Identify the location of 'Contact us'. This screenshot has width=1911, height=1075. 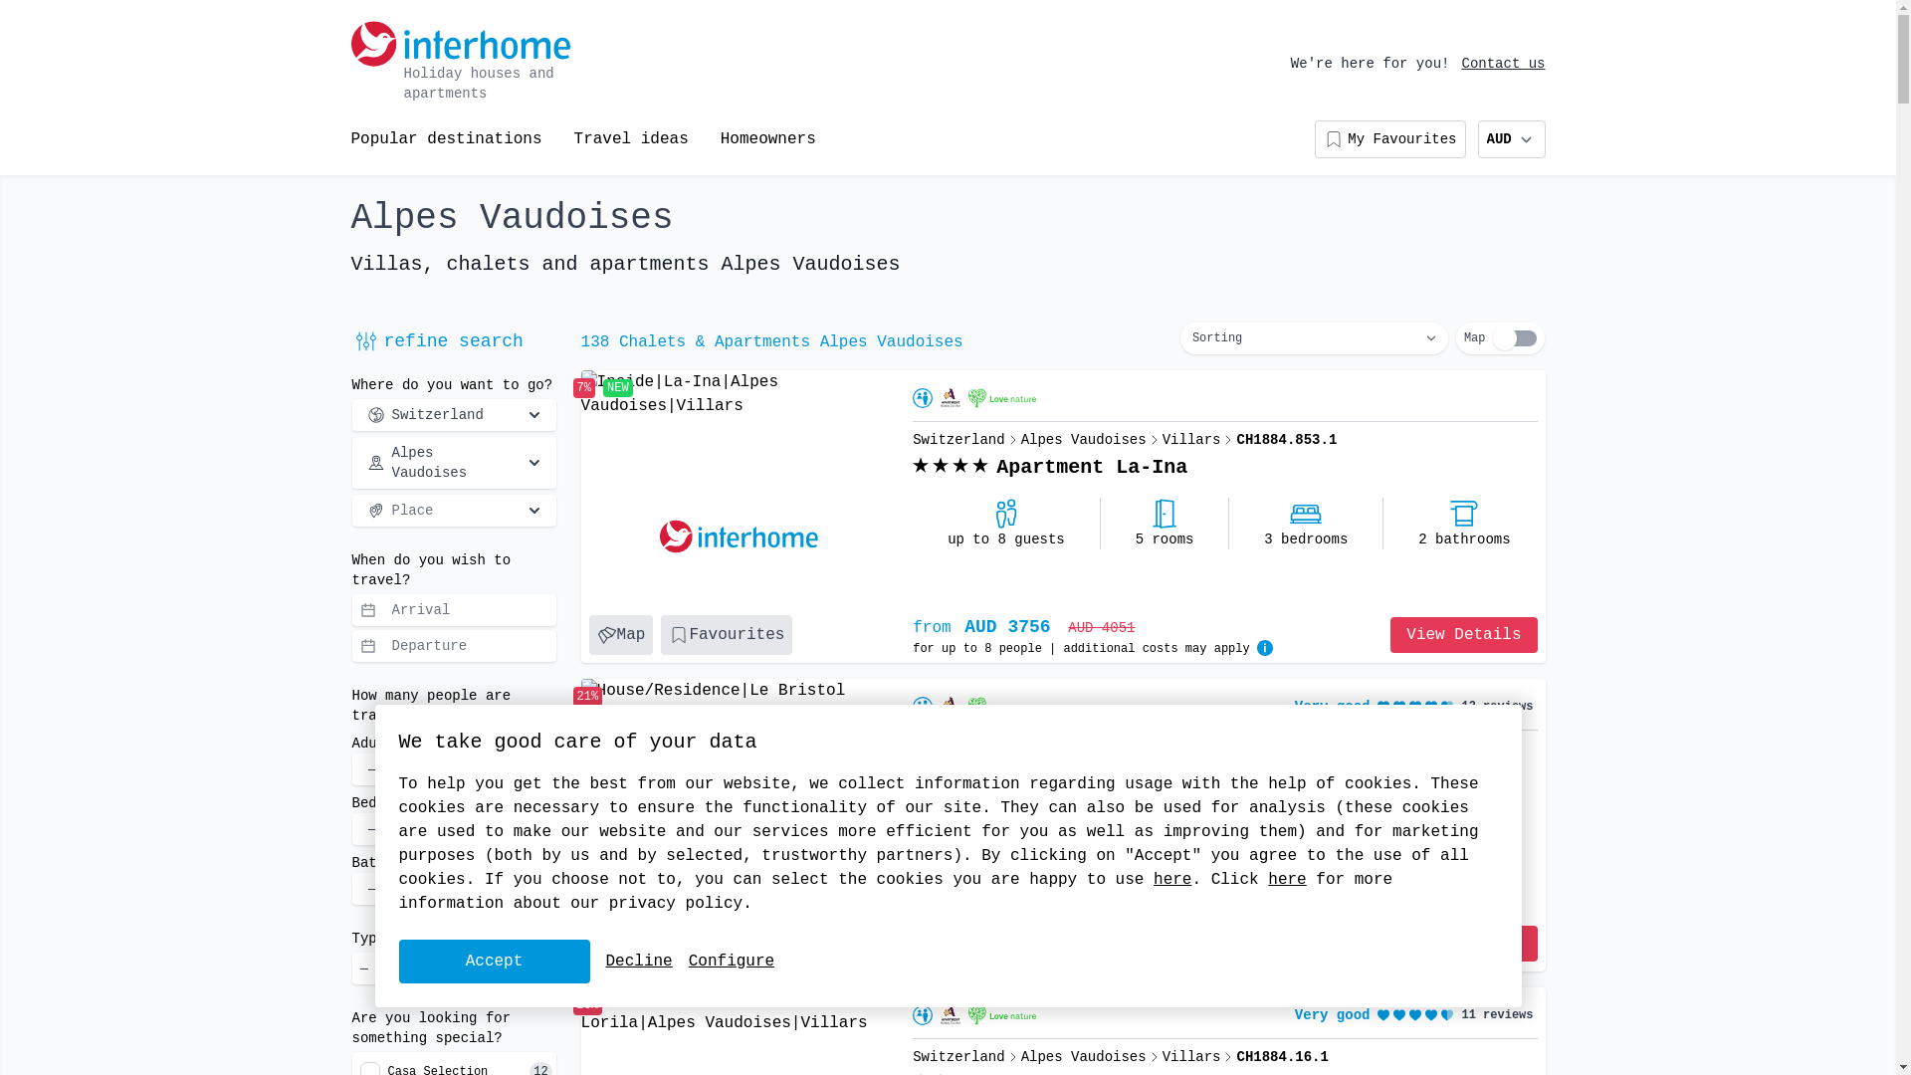
(1503, 63).